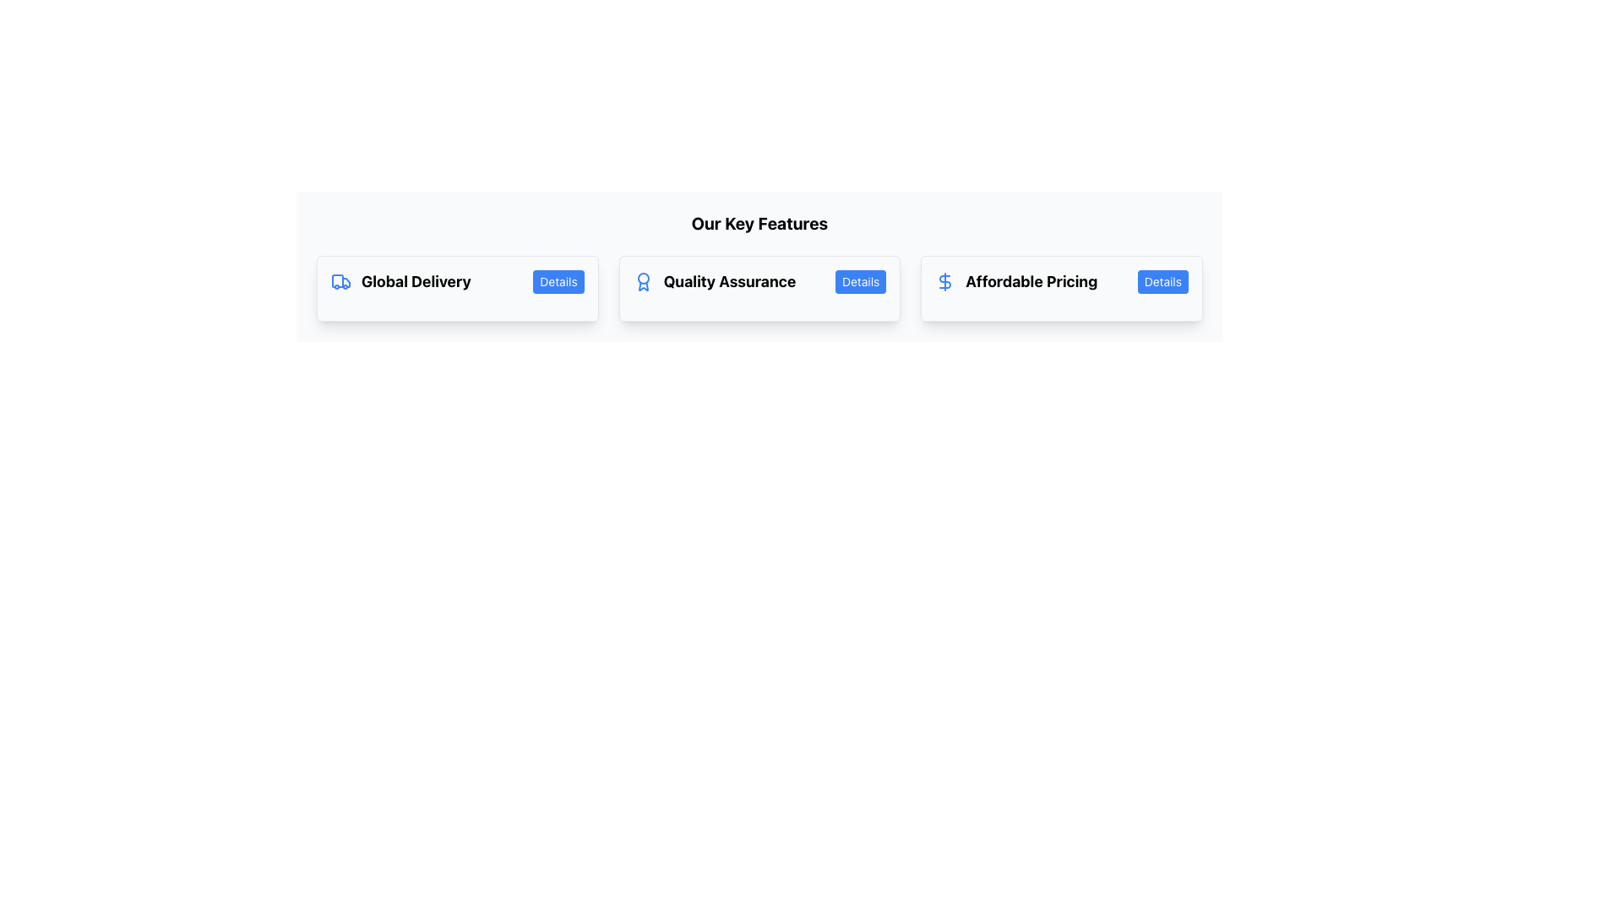  Describe the element at coordinates (340, 281) in the screenshot. I see `the SVG icon of a truck with a blue outline and white fill, which is positioned to the left of the text 'Global Delivery'` at that location.